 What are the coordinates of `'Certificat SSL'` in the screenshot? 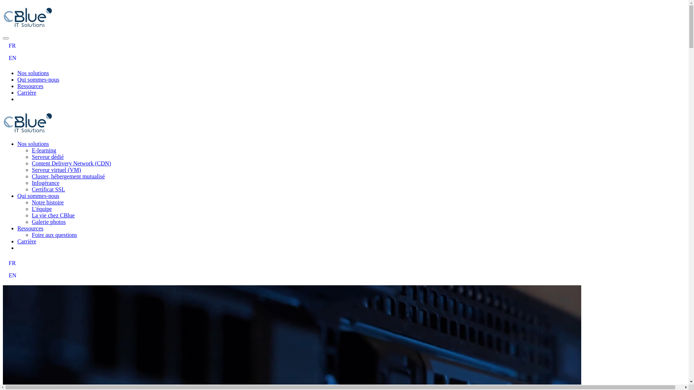 It's located at (48, 189).